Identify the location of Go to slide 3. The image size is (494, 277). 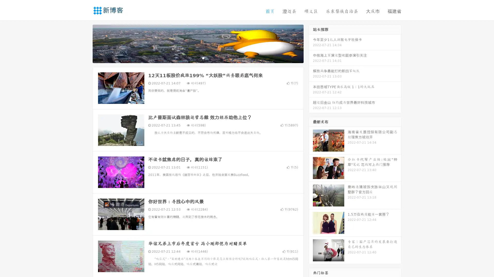
(203, 58).